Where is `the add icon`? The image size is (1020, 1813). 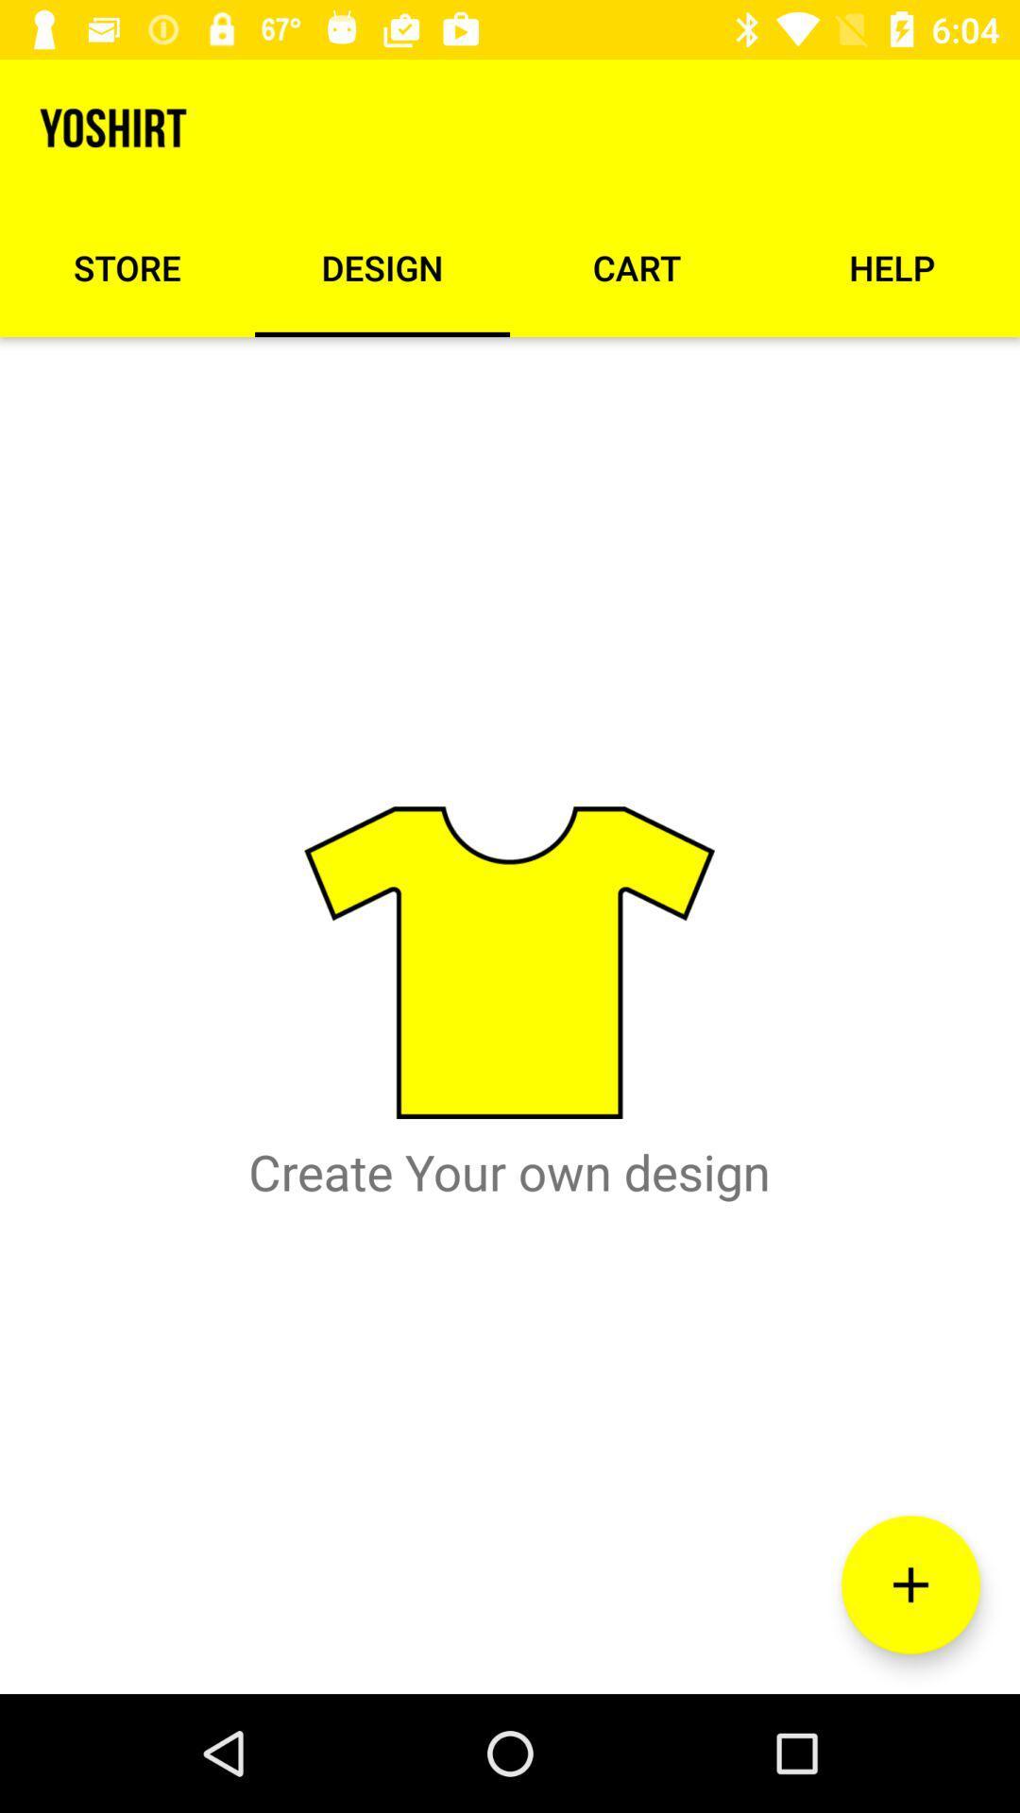 the add icon is located at coordinates (909, 1584).